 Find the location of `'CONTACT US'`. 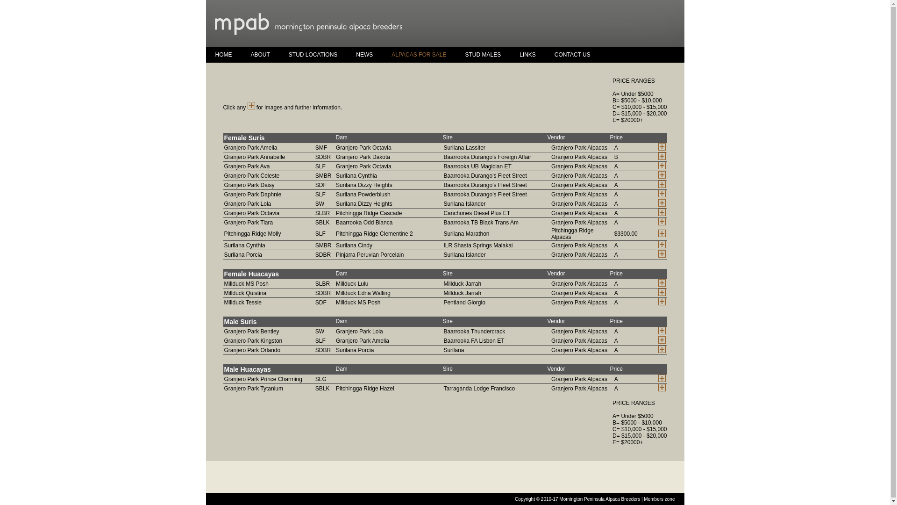

'CONTACT US' is located at coordinates (572, 54).